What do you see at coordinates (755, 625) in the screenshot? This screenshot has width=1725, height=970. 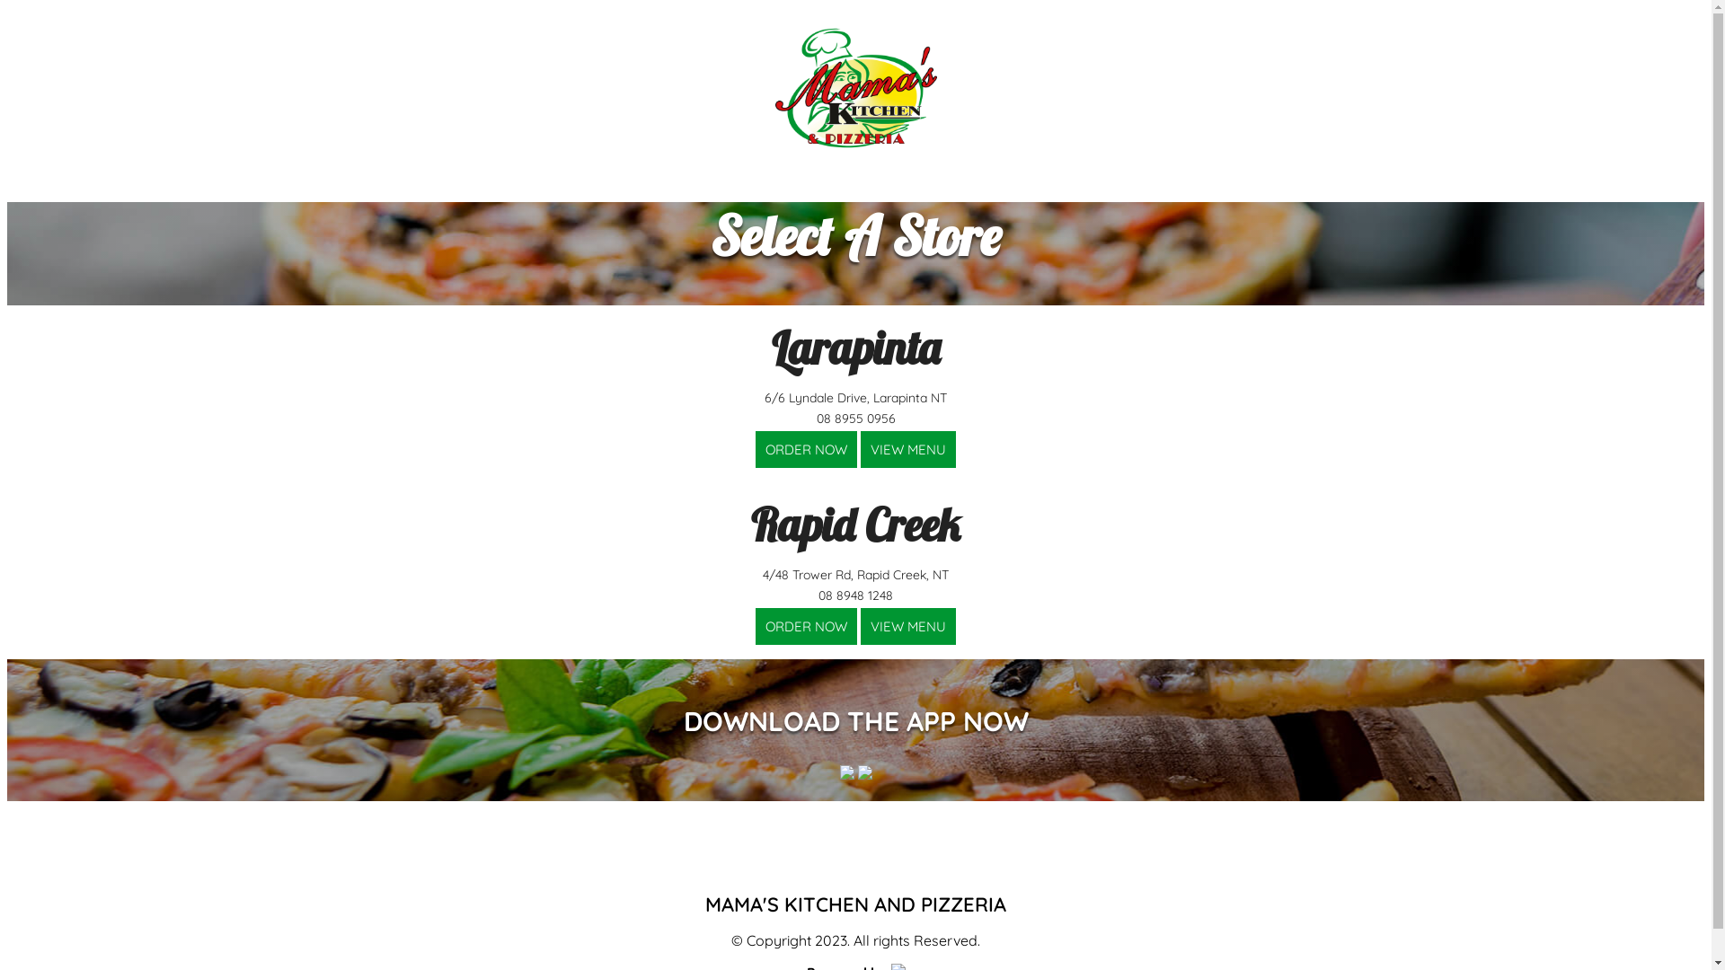 I see `'ORDER NOW'` at bounding box center [755, 625].